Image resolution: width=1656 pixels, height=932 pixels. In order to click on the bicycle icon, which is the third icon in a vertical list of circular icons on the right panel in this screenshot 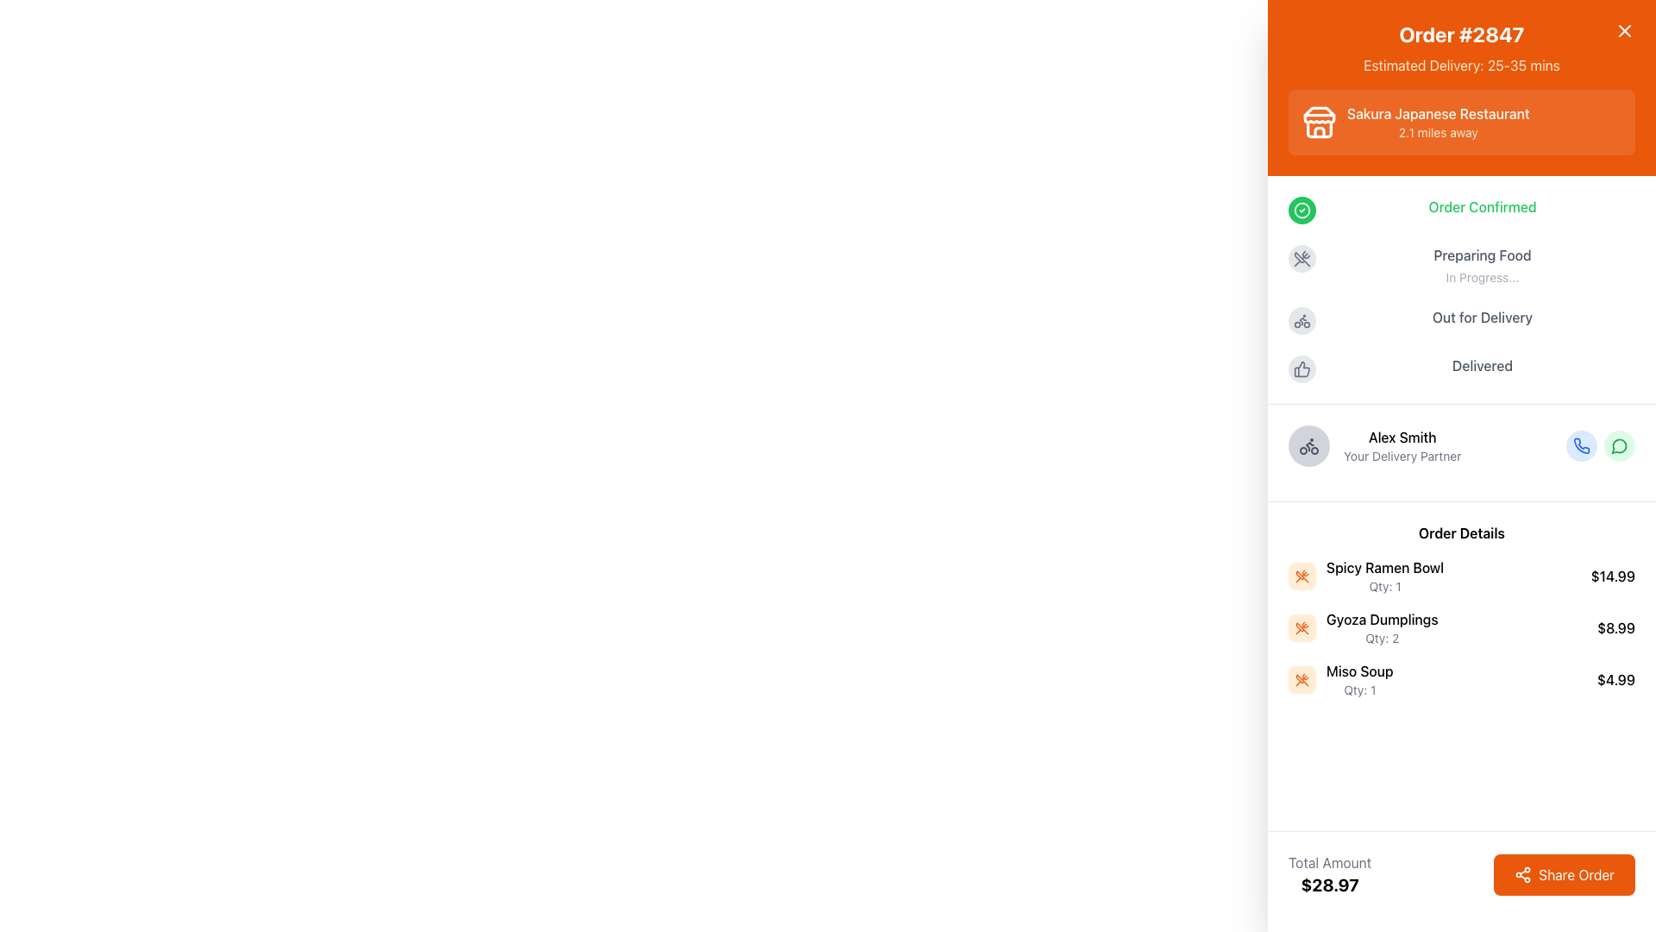, I will do `click(1308, 444)`.